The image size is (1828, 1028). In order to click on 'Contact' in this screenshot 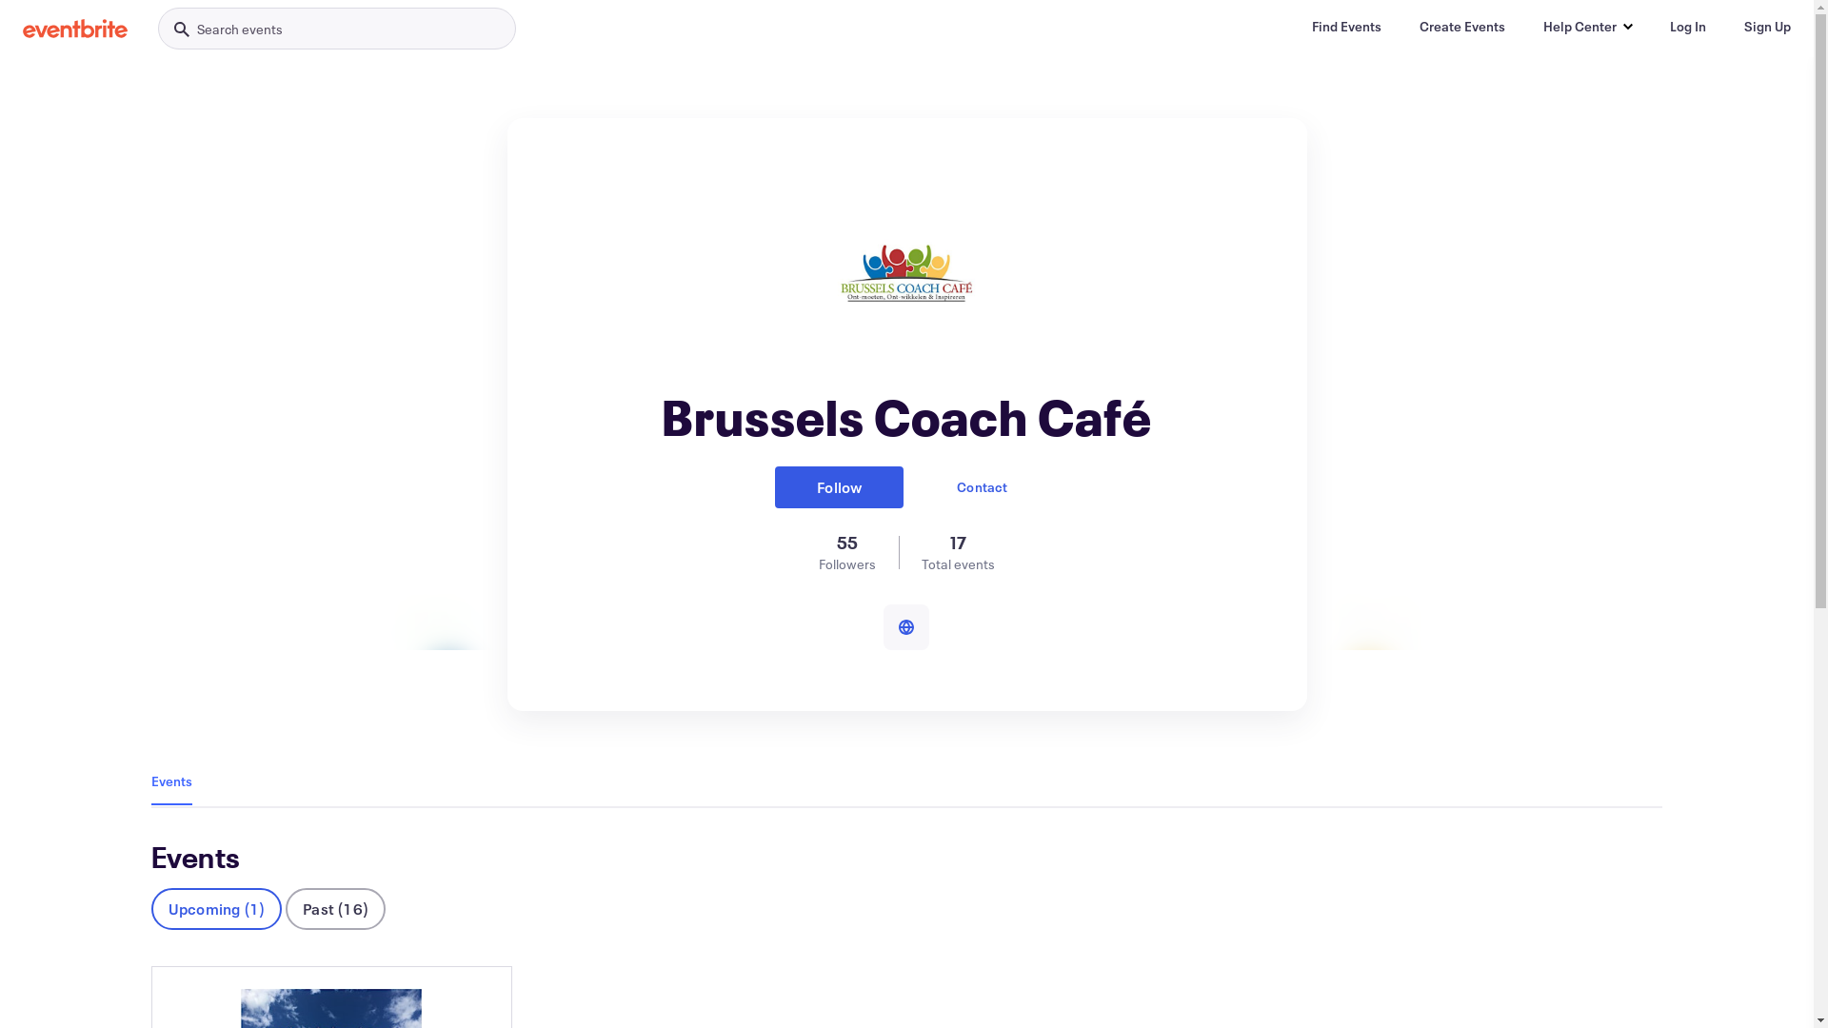, I will do `click(982, 486)`.